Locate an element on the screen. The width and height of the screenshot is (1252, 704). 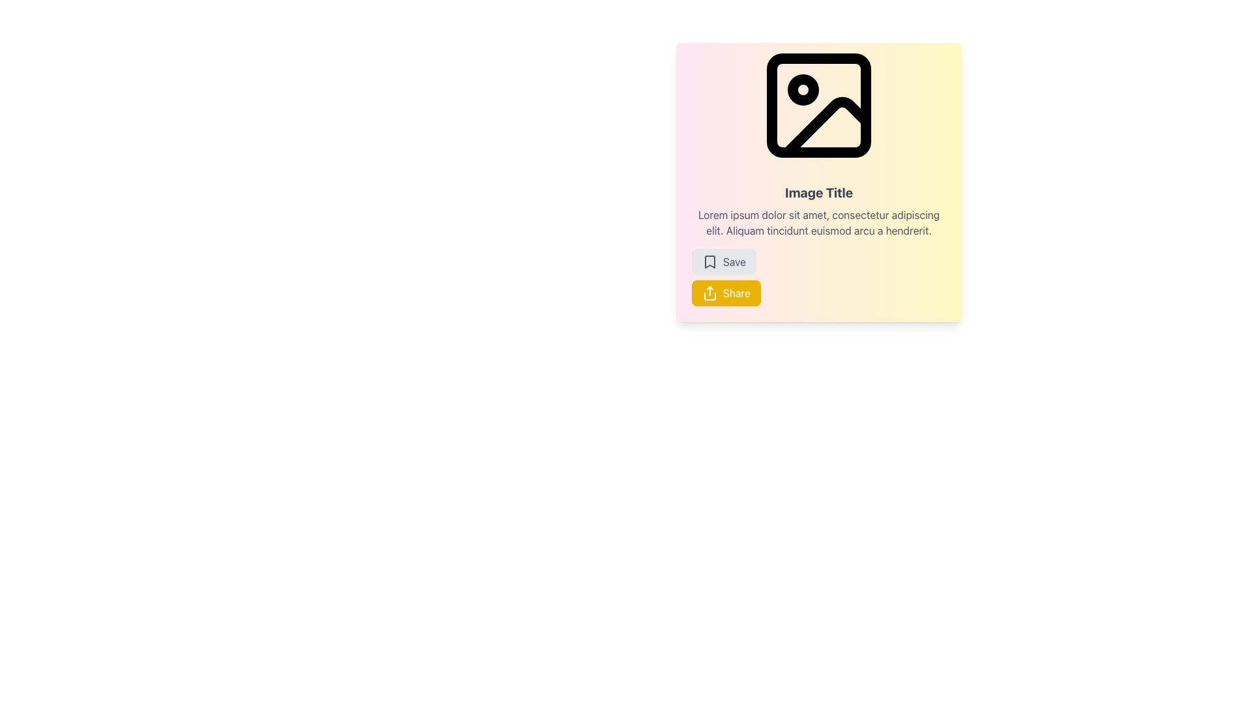
the 'Save' button located at the bottom-left side of the card interface, which includes a bookmark icon and is positioned above the 'Share' button is located at coordinates (734, 261).